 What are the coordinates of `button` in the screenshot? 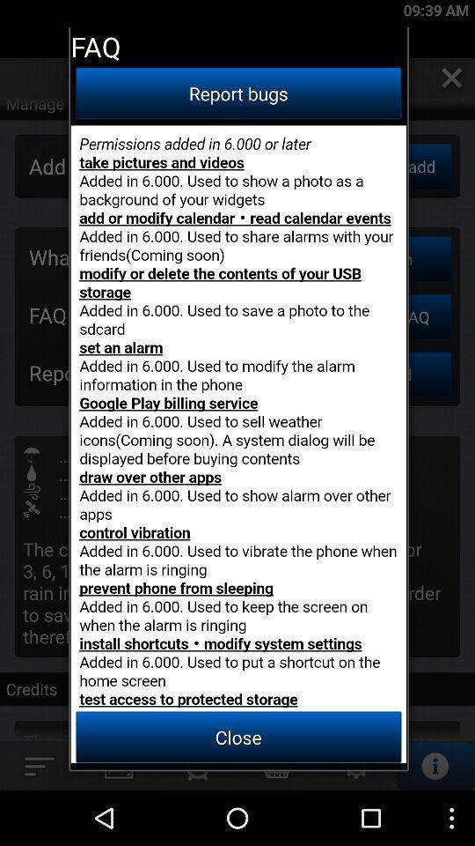 It's located at (237, 443).